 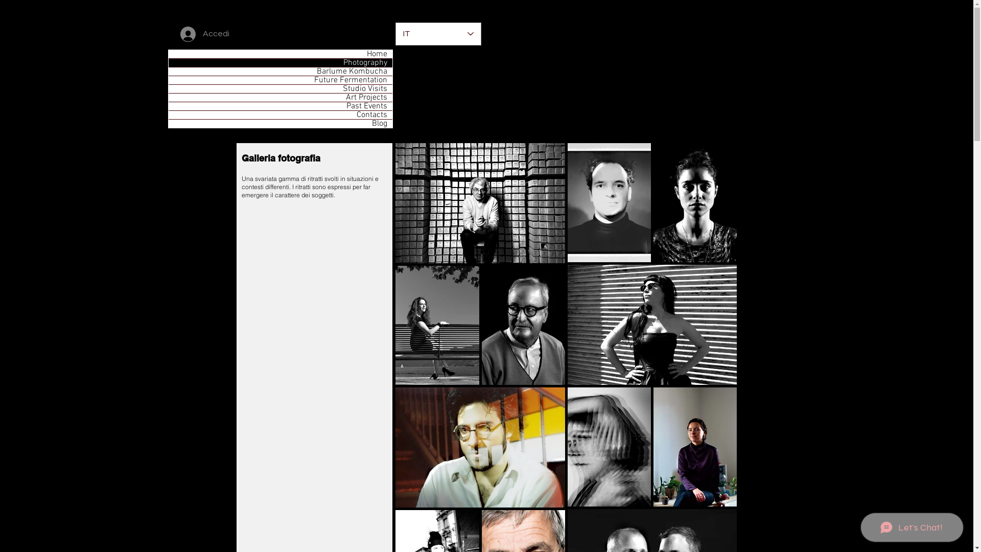 I want to click on 'Art Projects', so click(x=280, y=98).